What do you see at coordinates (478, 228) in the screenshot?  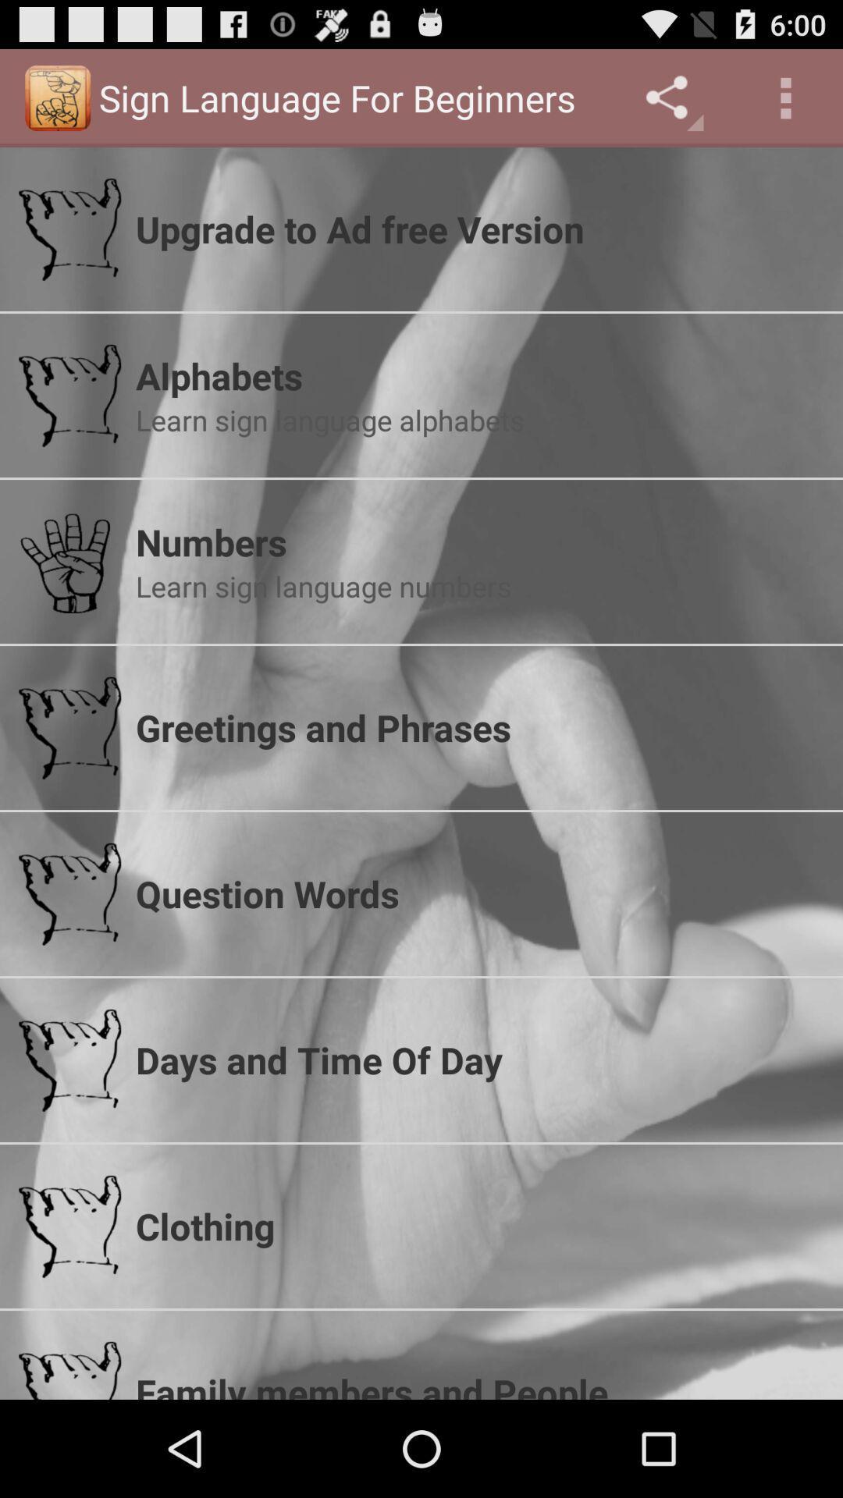 I see `item above alphabets app` at bounding box center [478, 228].